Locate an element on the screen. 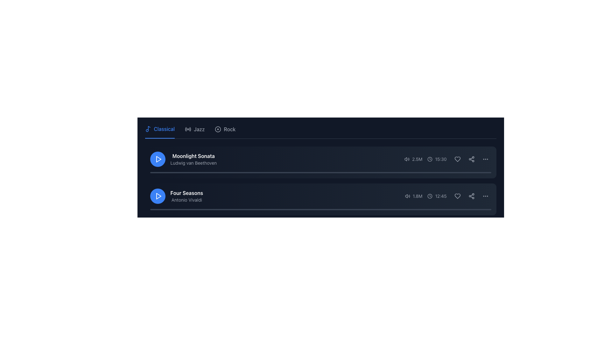 Image resolution: width=611 pixels, height=344 pixels. the second ellipsis icon, which consists of three horizontal dots is located at coordinates (485, 196).